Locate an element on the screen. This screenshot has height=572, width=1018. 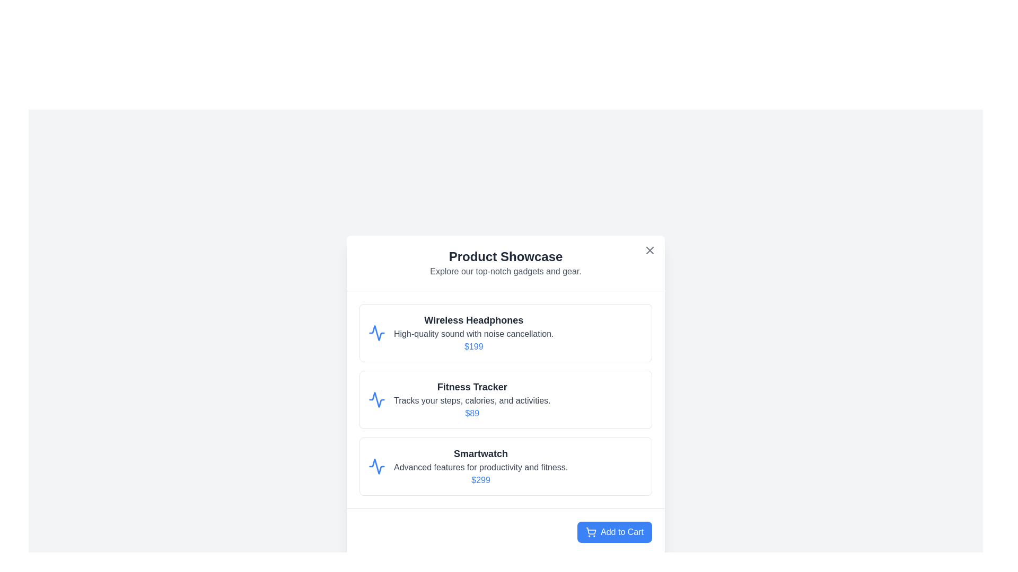
the blue activity icon with a waveform design located at the top left corner of the 'Wireless Headphones' product card is located at coordinates (376, 332).